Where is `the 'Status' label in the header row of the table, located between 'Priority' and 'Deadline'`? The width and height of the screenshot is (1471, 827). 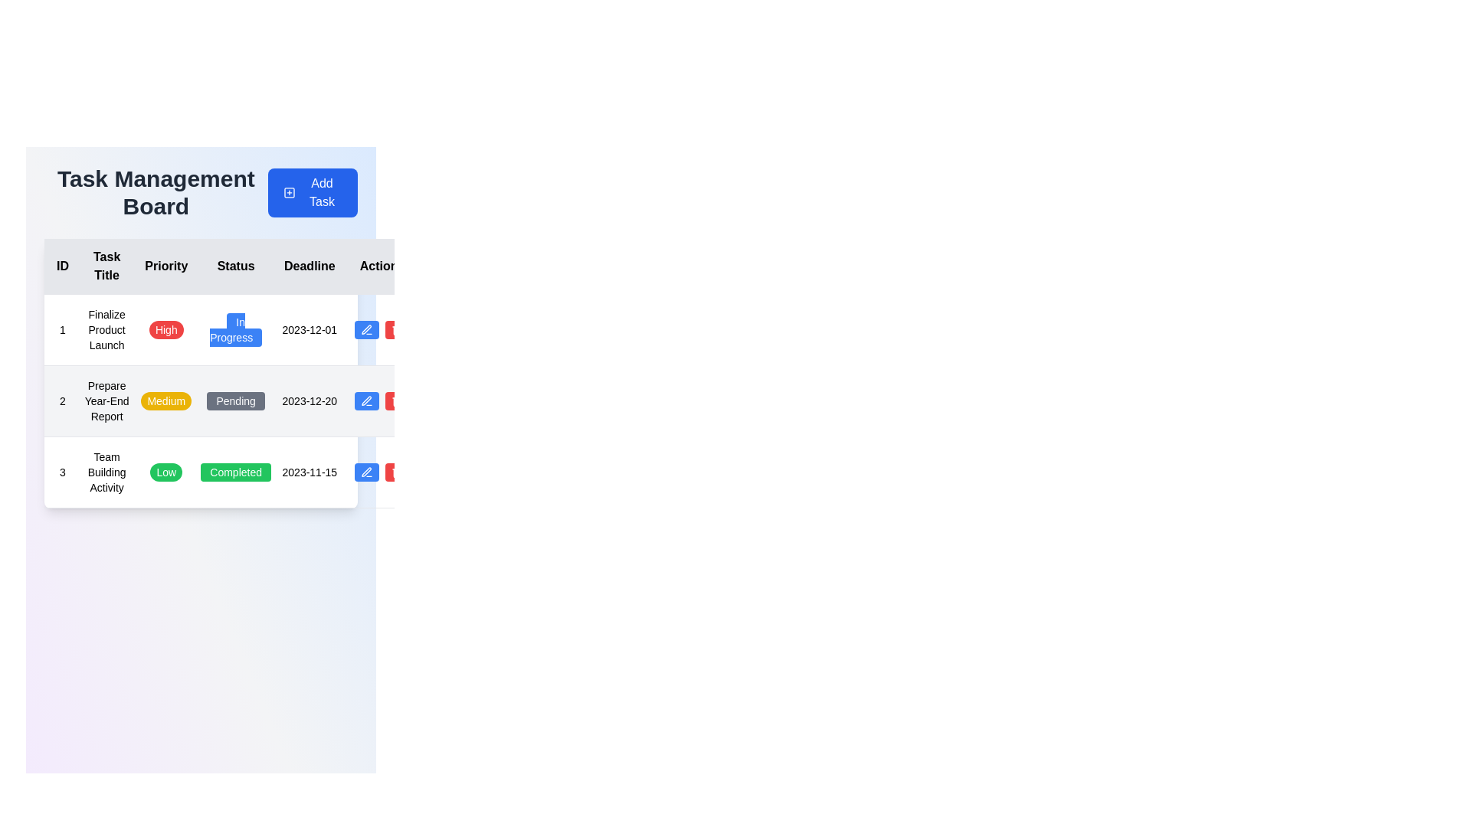 the 'Status' label in the header row of the table, located between 'Priority' and 'Deadline' is located at coordinates (235, 266).